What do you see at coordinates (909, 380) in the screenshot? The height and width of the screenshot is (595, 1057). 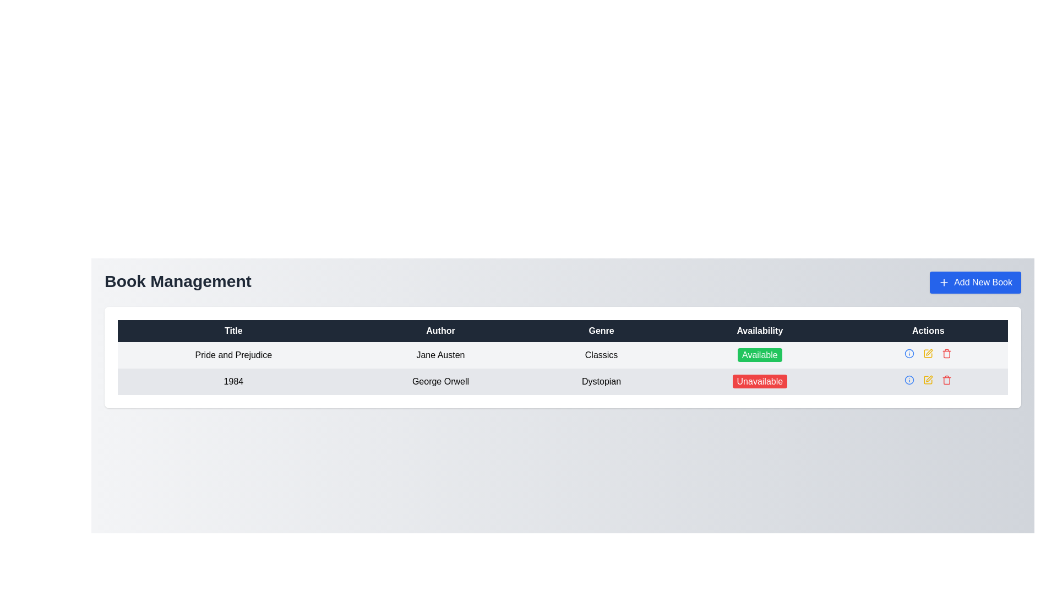 I see `the blue circular outline of the 'info' icon located in the 'Actions' column of the second row for the entry '1984' by George Orwell` at bounding box center [909, 380].